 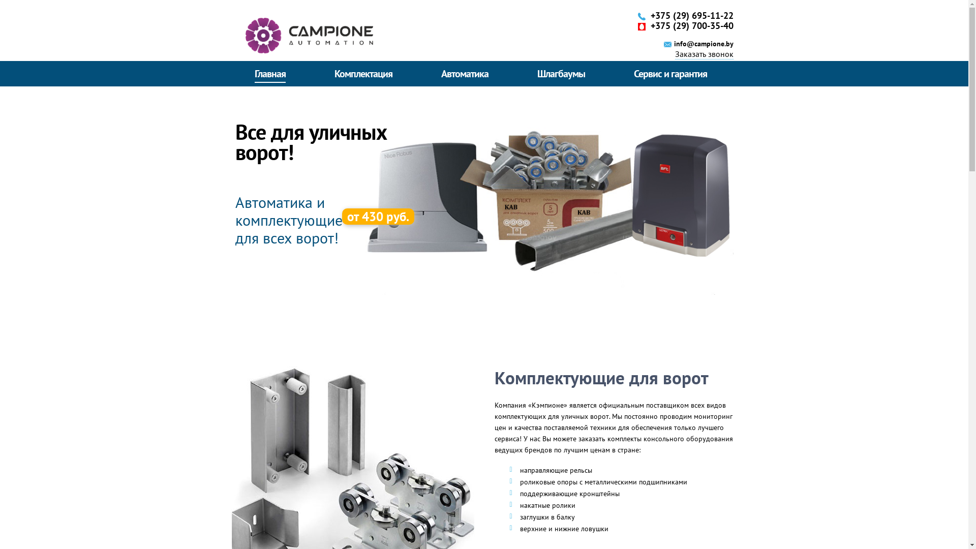 What do you see at coordinates (651, 15) in the screenshot?
I see `'+375 (29) 695-11-22'` at bounding box center [651, 15].